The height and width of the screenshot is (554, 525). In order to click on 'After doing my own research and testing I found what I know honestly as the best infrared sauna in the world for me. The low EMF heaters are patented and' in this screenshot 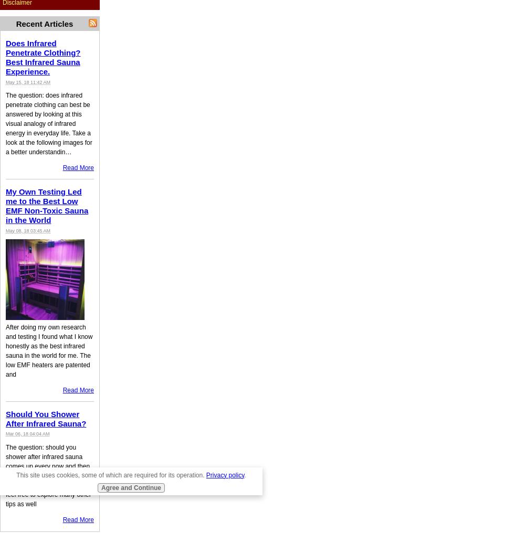, I will do `click(48, 350)`.